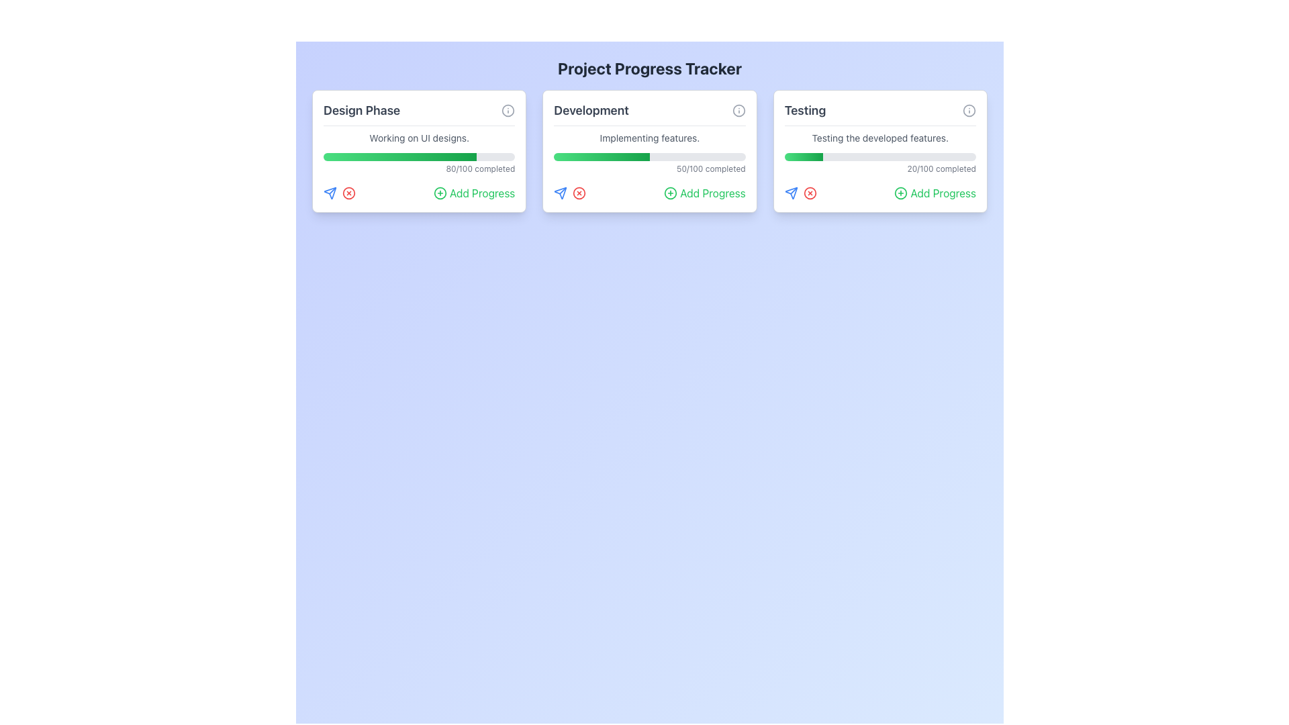  I want to click on the circular SVG shape located in the top-right corner of the 'Development' card, which is styled as an information icon, so click(738, 110).